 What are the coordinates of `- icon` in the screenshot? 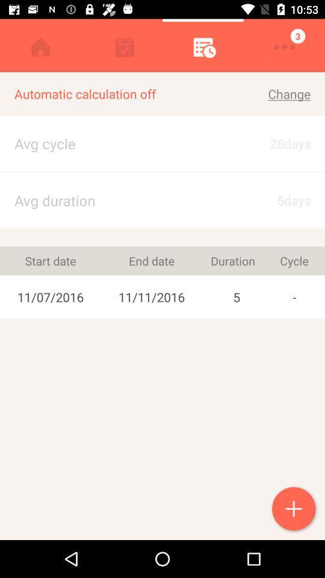 It's located at (294, 296).